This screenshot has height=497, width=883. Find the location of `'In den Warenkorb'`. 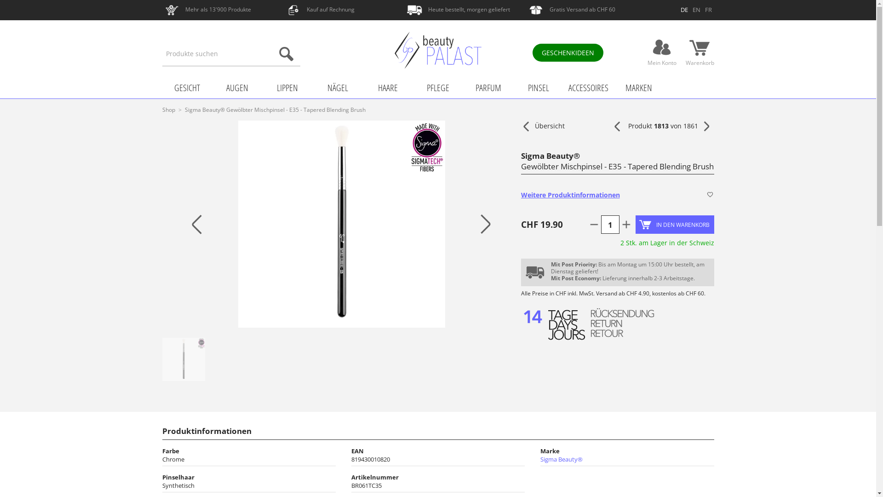

'In den Warenkorb' is located at coordinates (675, 225).